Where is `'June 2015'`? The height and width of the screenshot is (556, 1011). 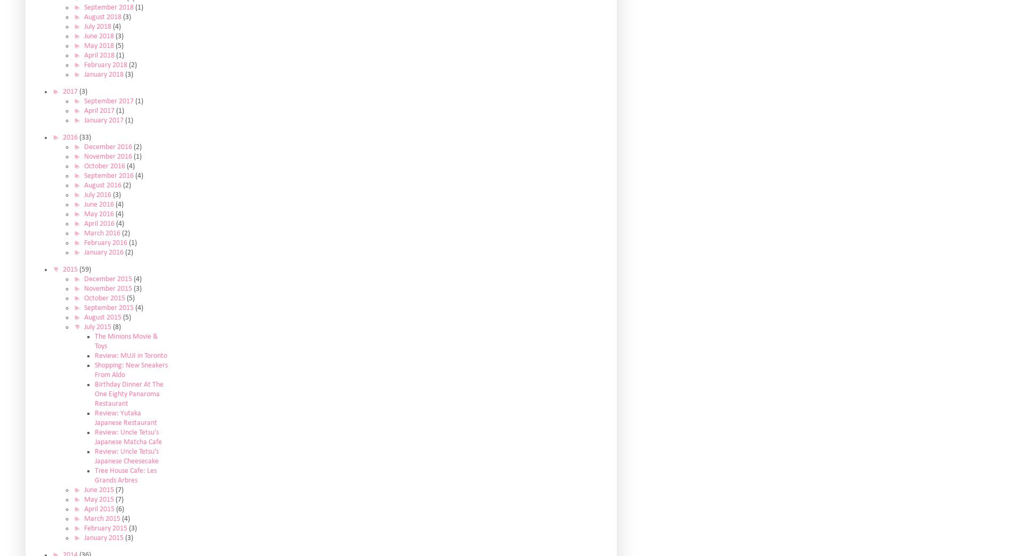
'June 2015' is located at coordinates (99, 489).